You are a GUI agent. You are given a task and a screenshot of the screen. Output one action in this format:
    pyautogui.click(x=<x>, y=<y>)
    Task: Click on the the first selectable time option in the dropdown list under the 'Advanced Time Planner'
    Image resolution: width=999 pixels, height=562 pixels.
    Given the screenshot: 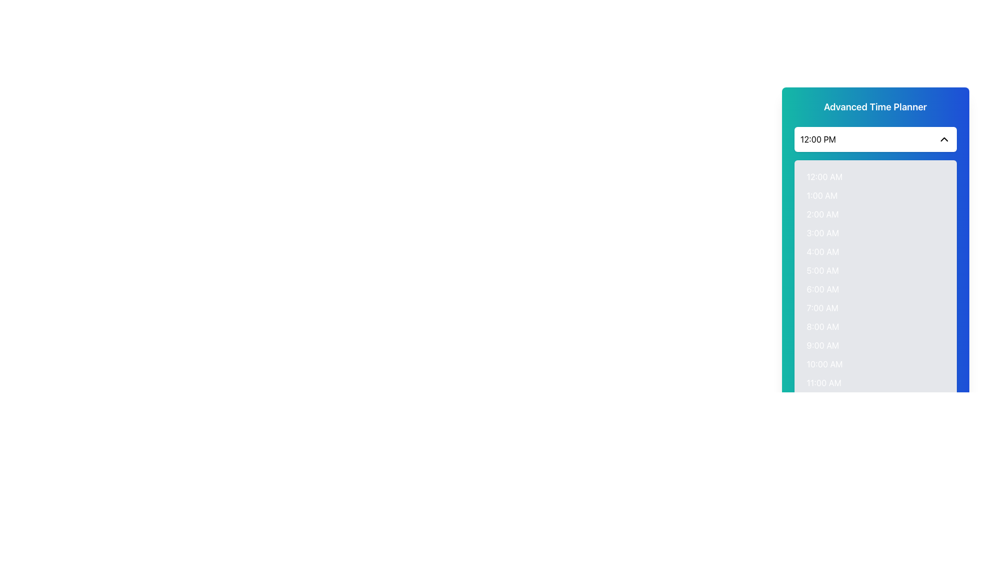 What is the action you would take?
    pyautogui.click(x=875, y=176)
    